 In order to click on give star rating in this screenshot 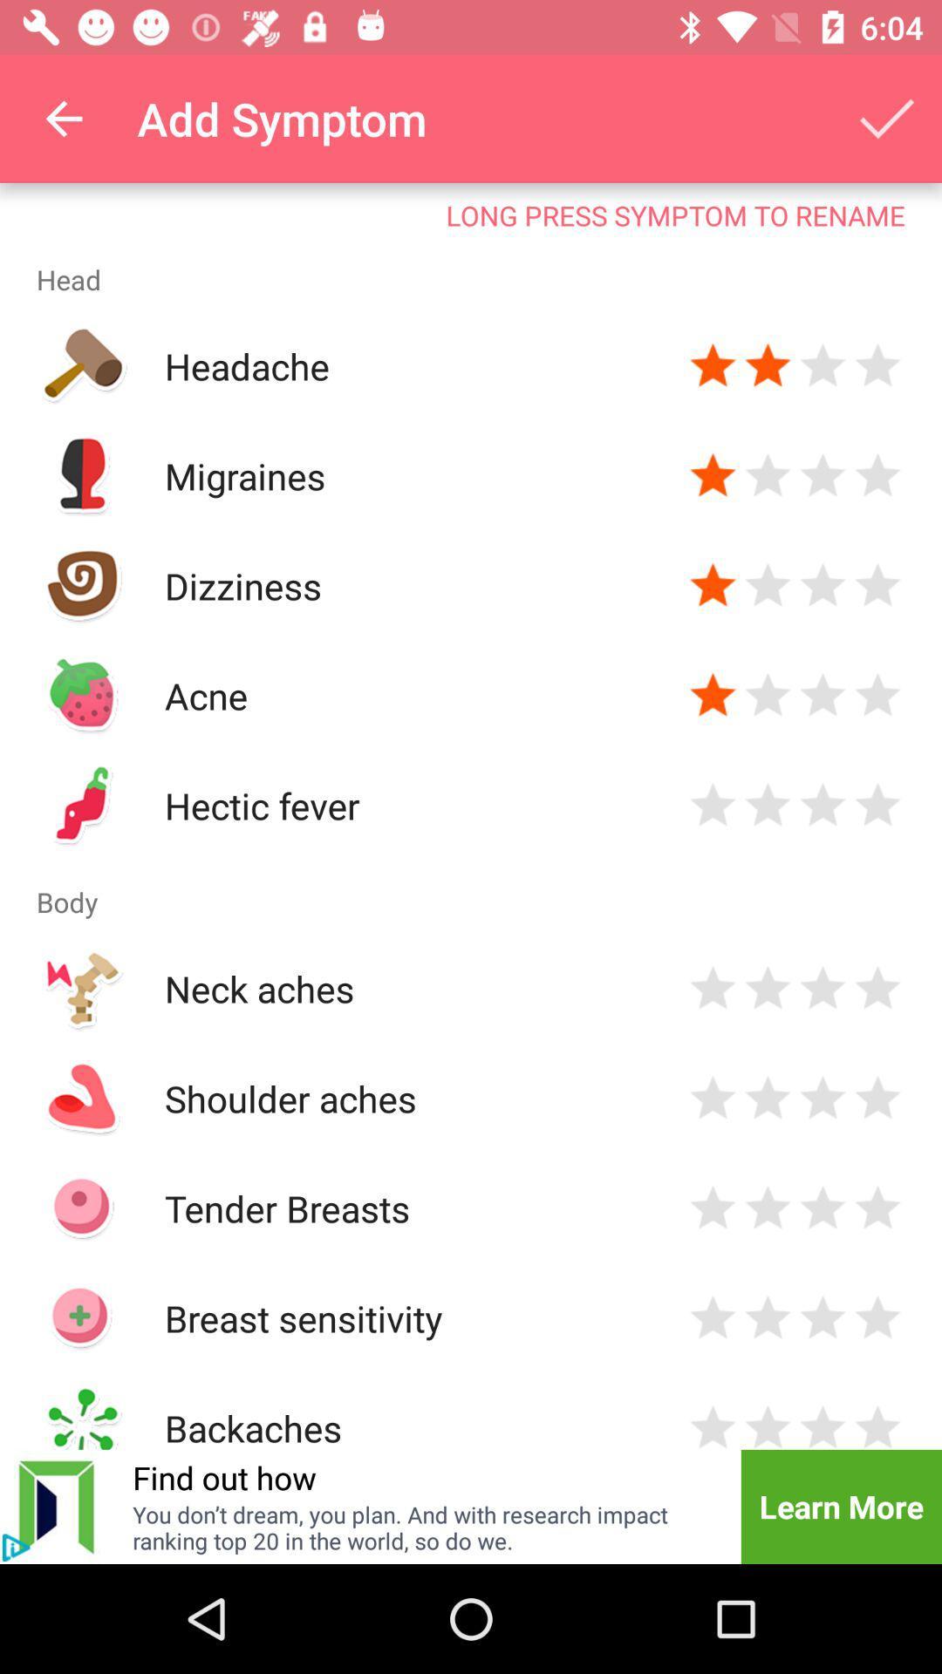, I will do `click(877, 365)`.